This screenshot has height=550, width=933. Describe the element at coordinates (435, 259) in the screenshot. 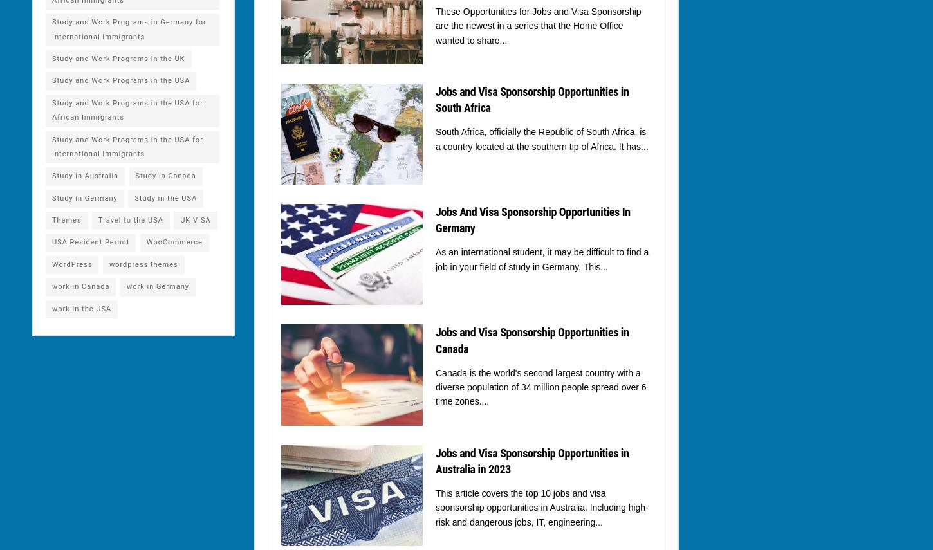

I see `'As an international student, it may be difficult to find a job in your field of study in Germany. This...'` at that location.